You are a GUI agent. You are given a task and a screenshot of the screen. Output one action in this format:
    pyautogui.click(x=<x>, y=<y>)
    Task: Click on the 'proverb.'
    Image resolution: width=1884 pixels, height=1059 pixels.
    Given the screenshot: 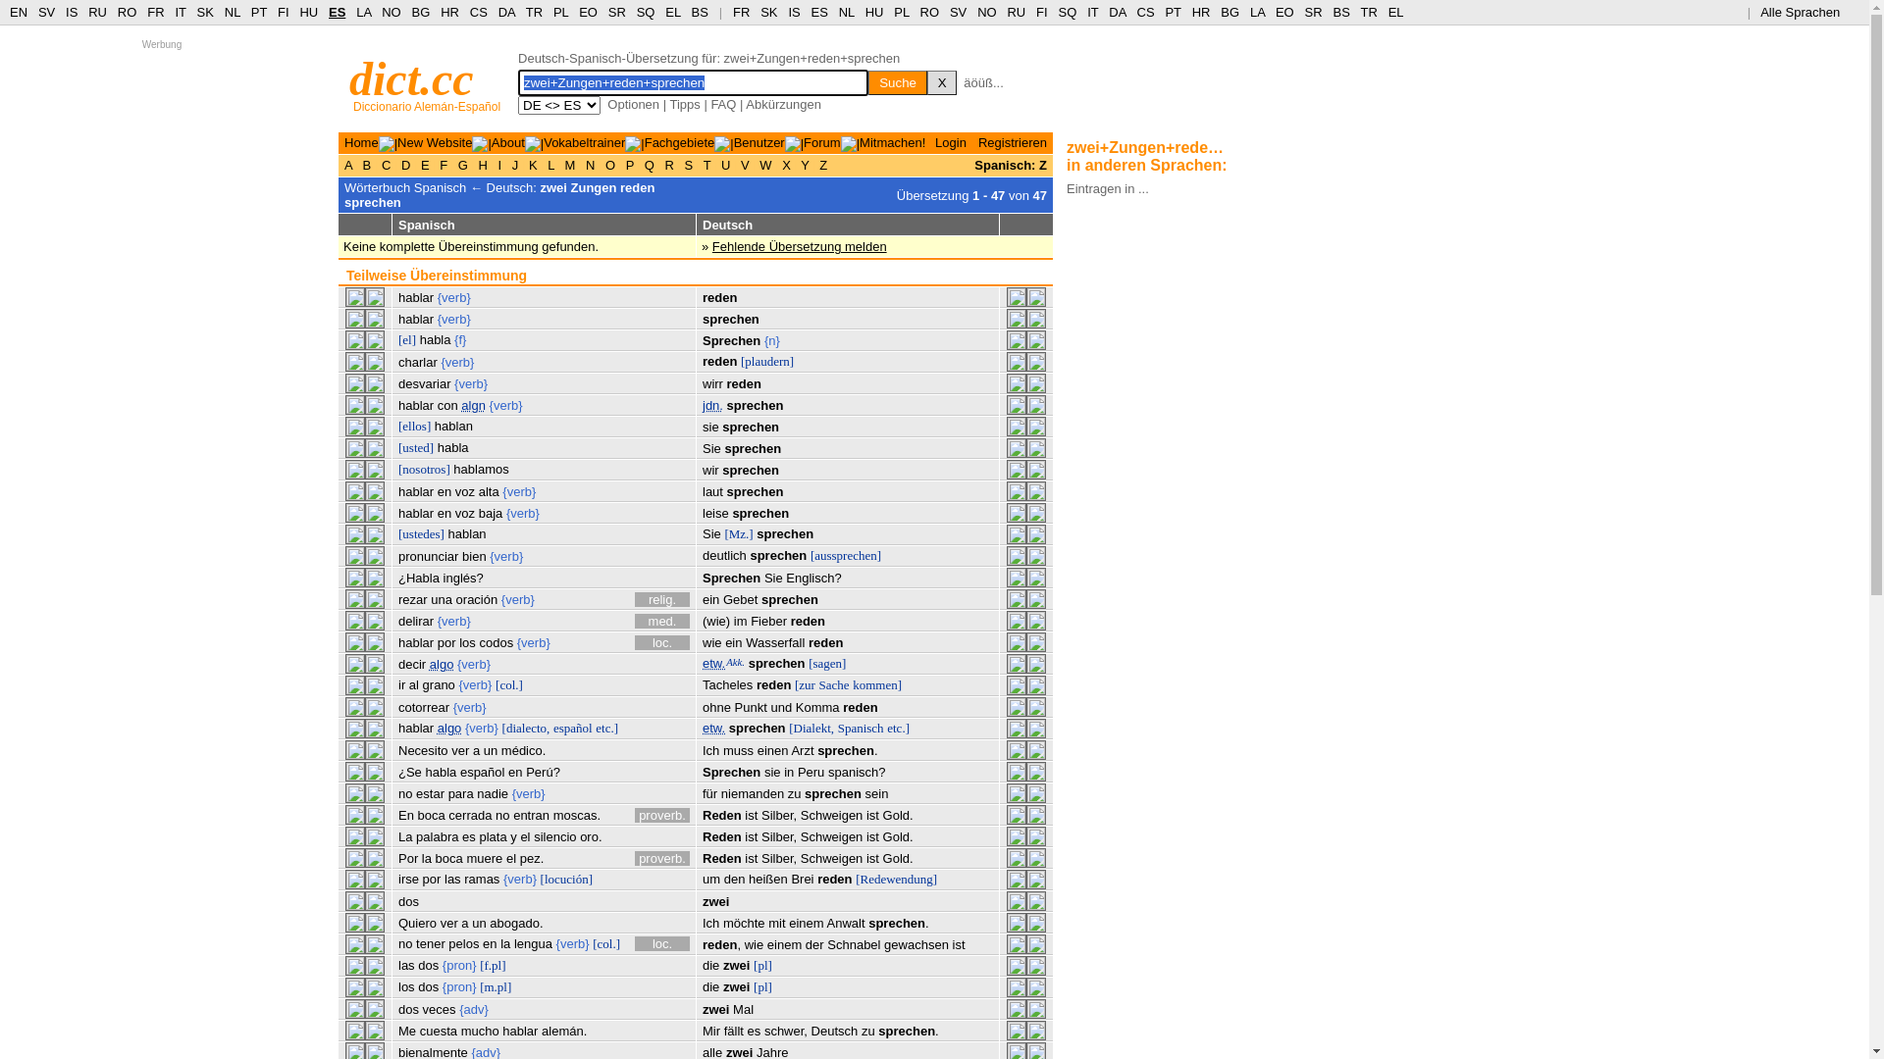 What is the action you would take?
    pyautogui.click(x=662, y=857)
    